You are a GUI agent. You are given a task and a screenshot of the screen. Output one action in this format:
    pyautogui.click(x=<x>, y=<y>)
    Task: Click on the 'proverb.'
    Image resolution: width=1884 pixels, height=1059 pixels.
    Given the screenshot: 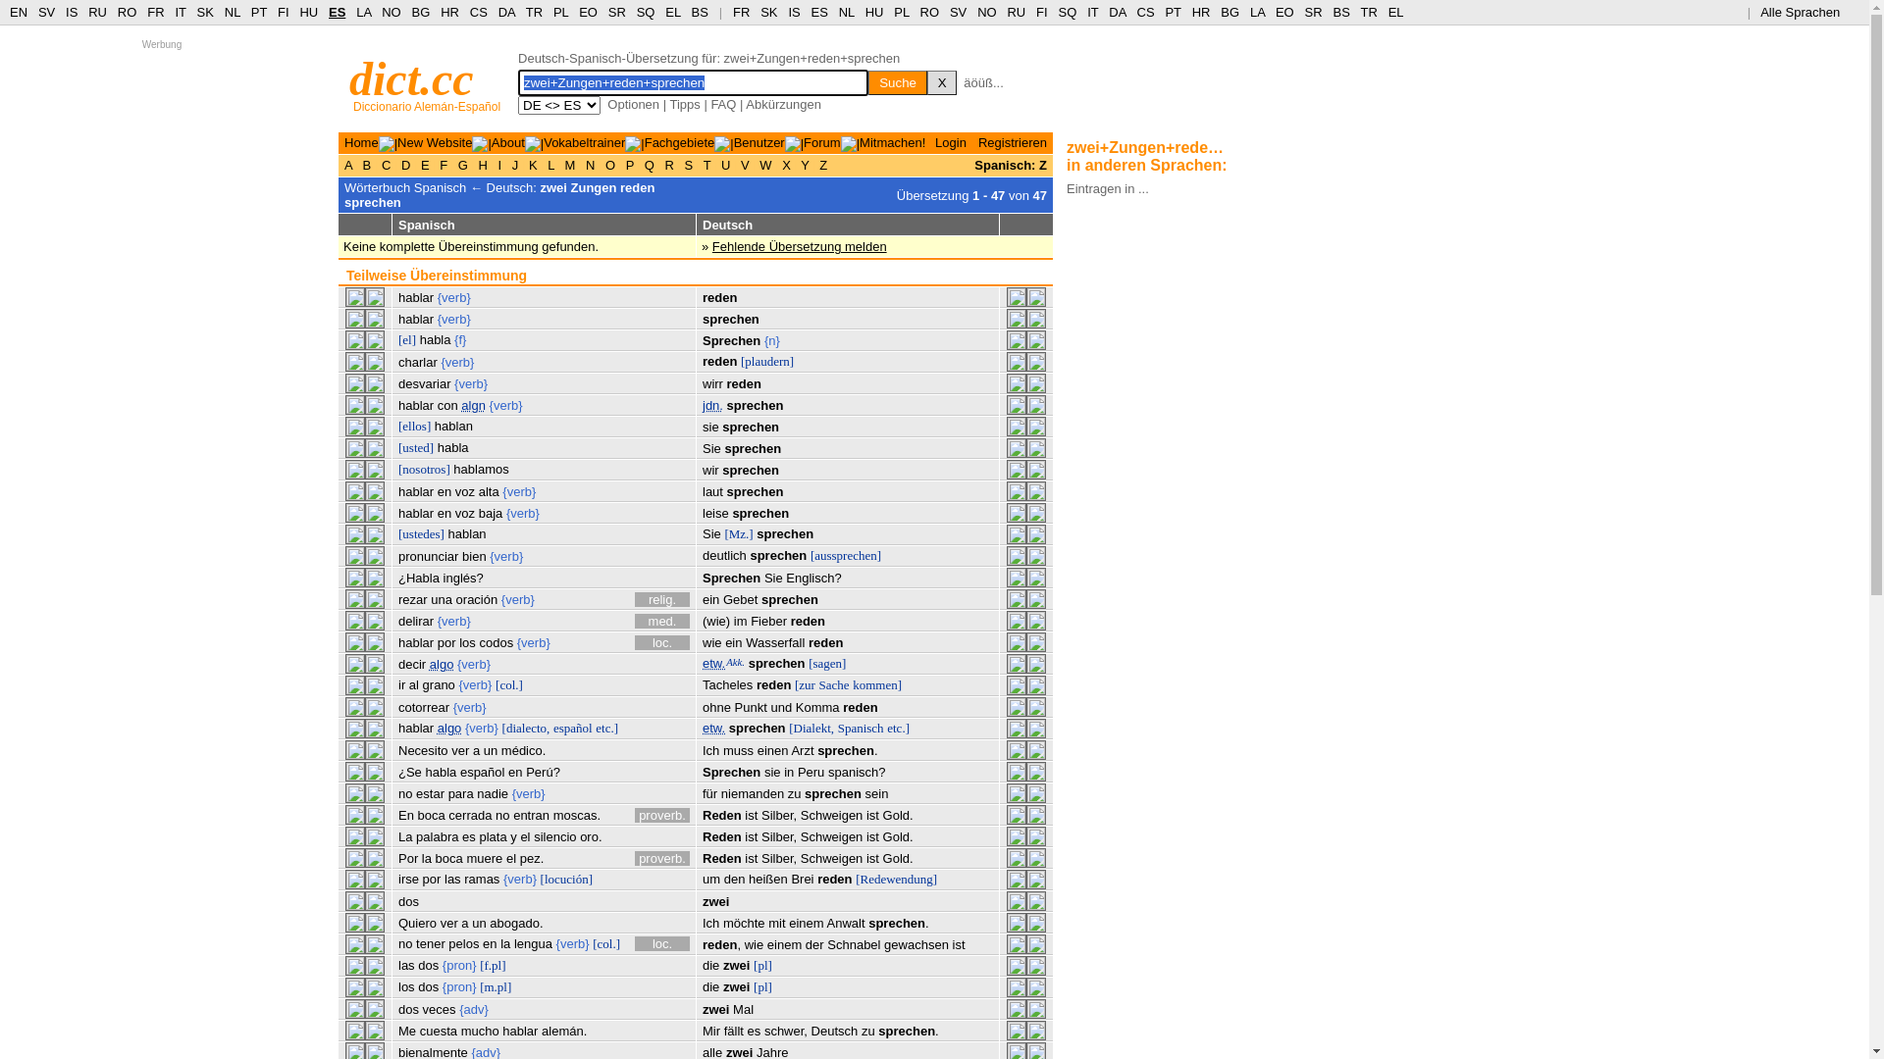 What is the action you would take?
    pyautogui.click(x=662, y=857)
    